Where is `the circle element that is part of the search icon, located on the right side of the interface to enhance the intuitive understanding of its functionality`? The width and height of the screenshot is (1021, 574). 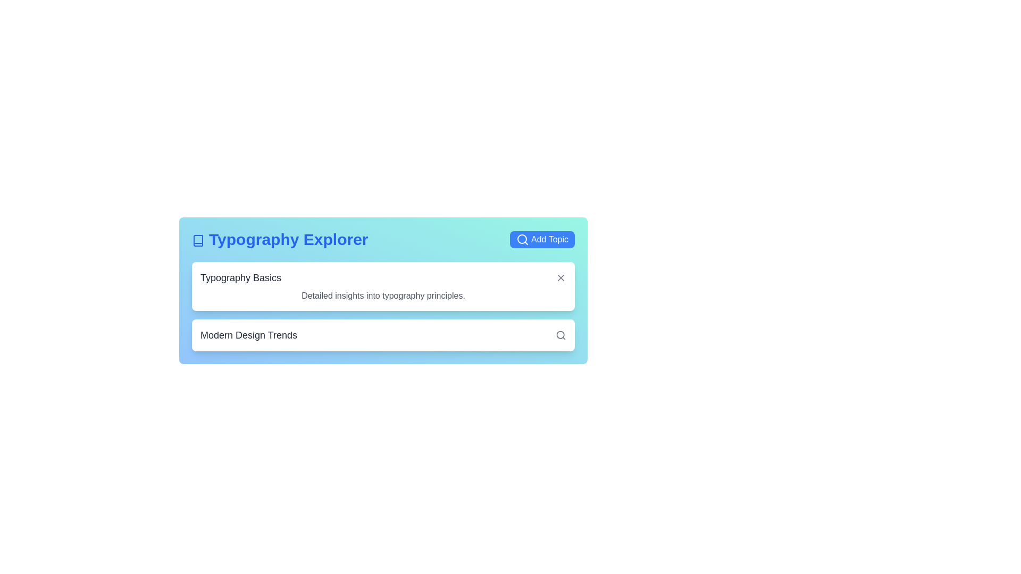
the circle element that is part of the search icon, located on the right side of the interface to enhance the intuitive understanding of its functionality is located at coordinates (560, 335).